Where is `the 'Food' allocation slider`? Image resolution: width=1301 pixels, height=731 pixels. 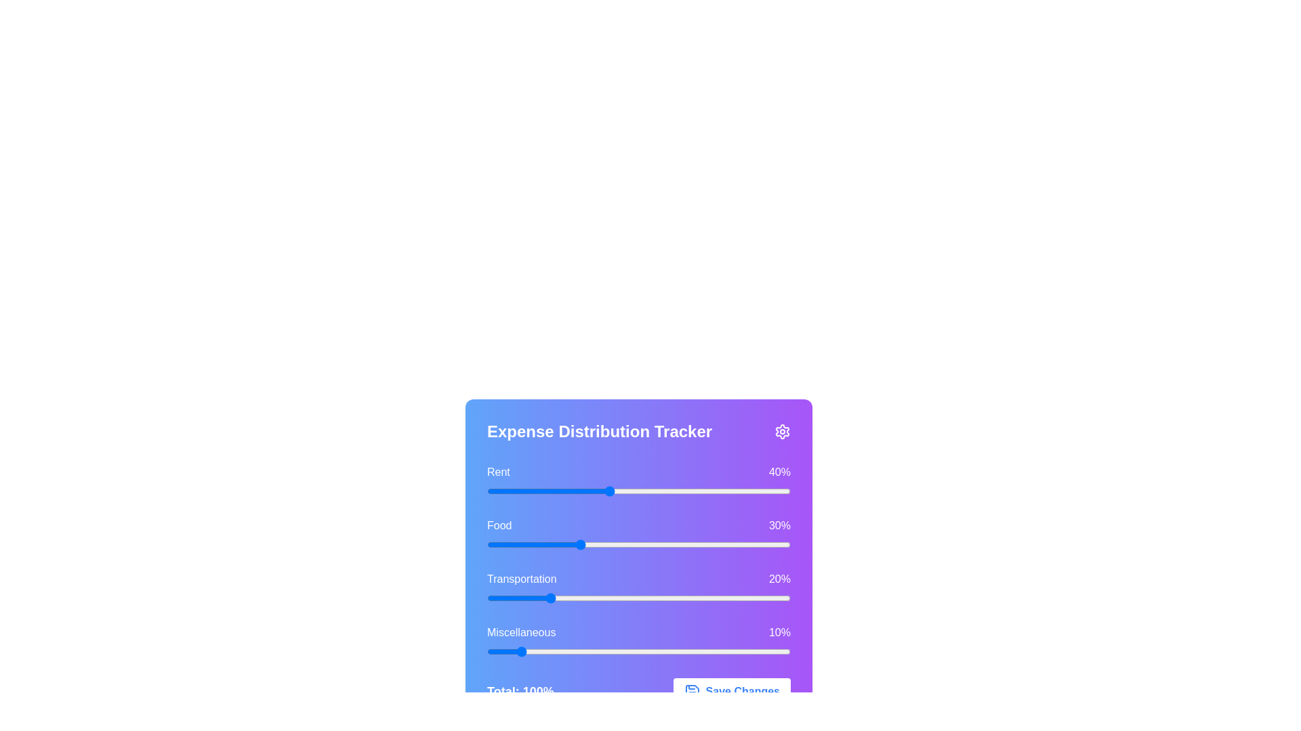
the 'Food' allocation slider is located at coordinates (617, 544).